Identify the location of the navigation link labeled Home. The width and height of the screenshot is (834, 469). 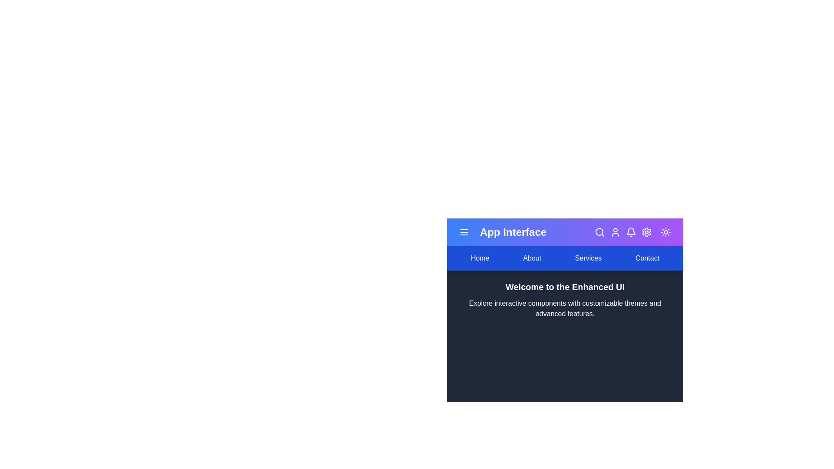
(479, 258).